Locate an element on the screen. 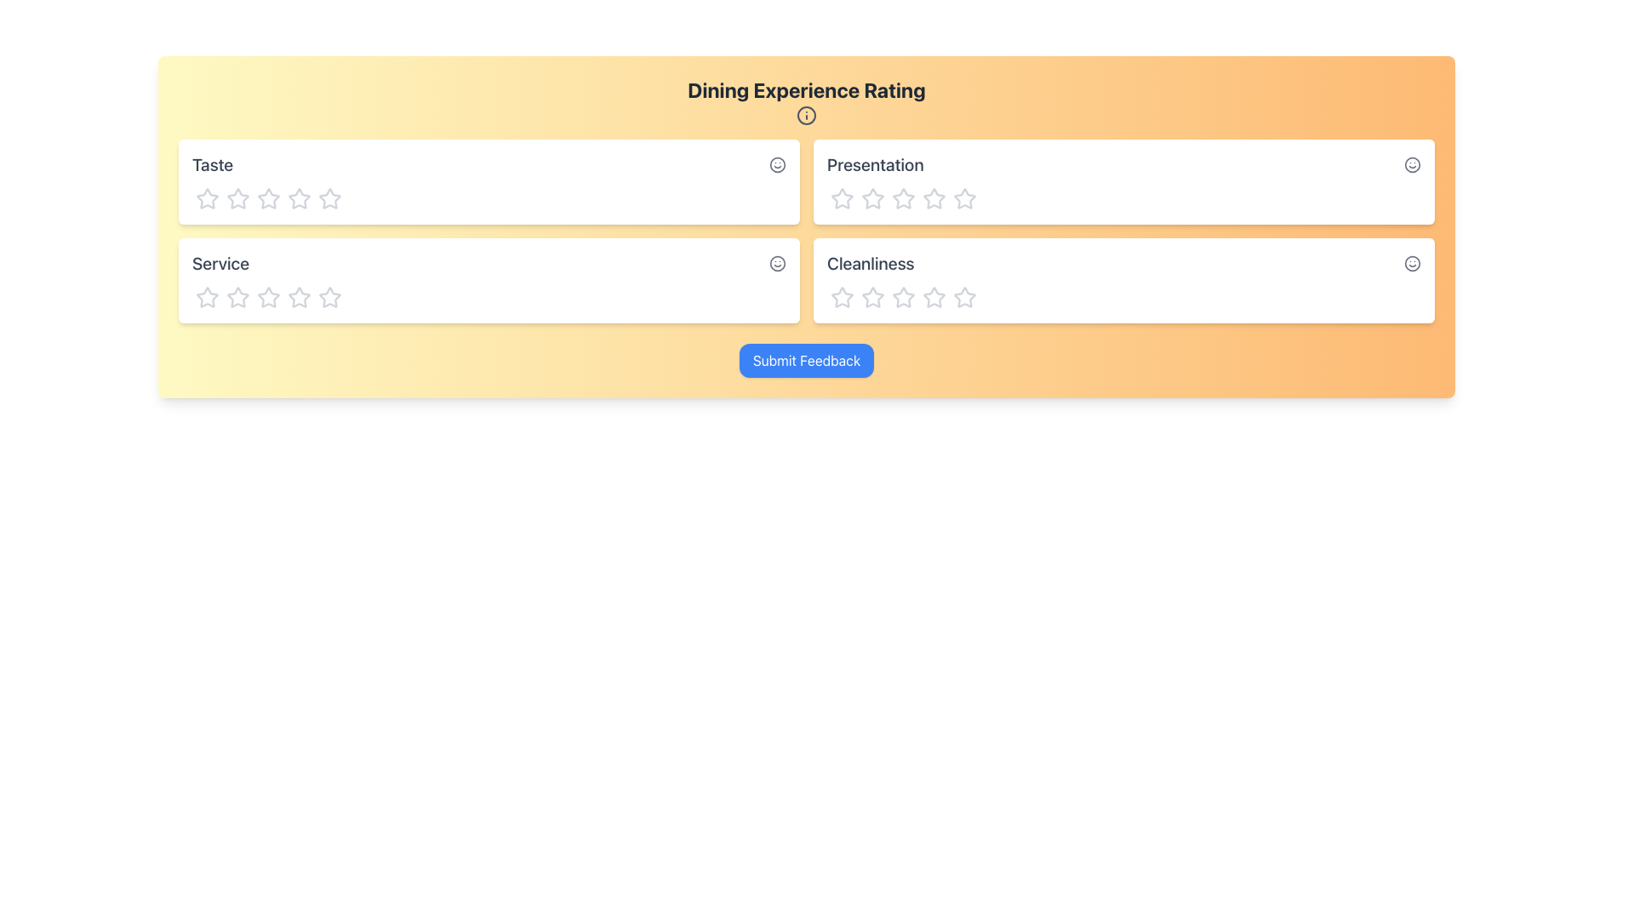 This screenshot has height=919, width=1634. the fourth star-shaped icon in the feedback section under the 'Service' category is located at coordinates (268, 295).